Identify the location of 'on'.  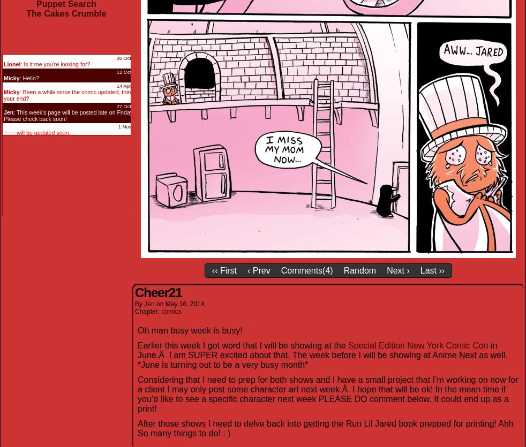
(161, 303).